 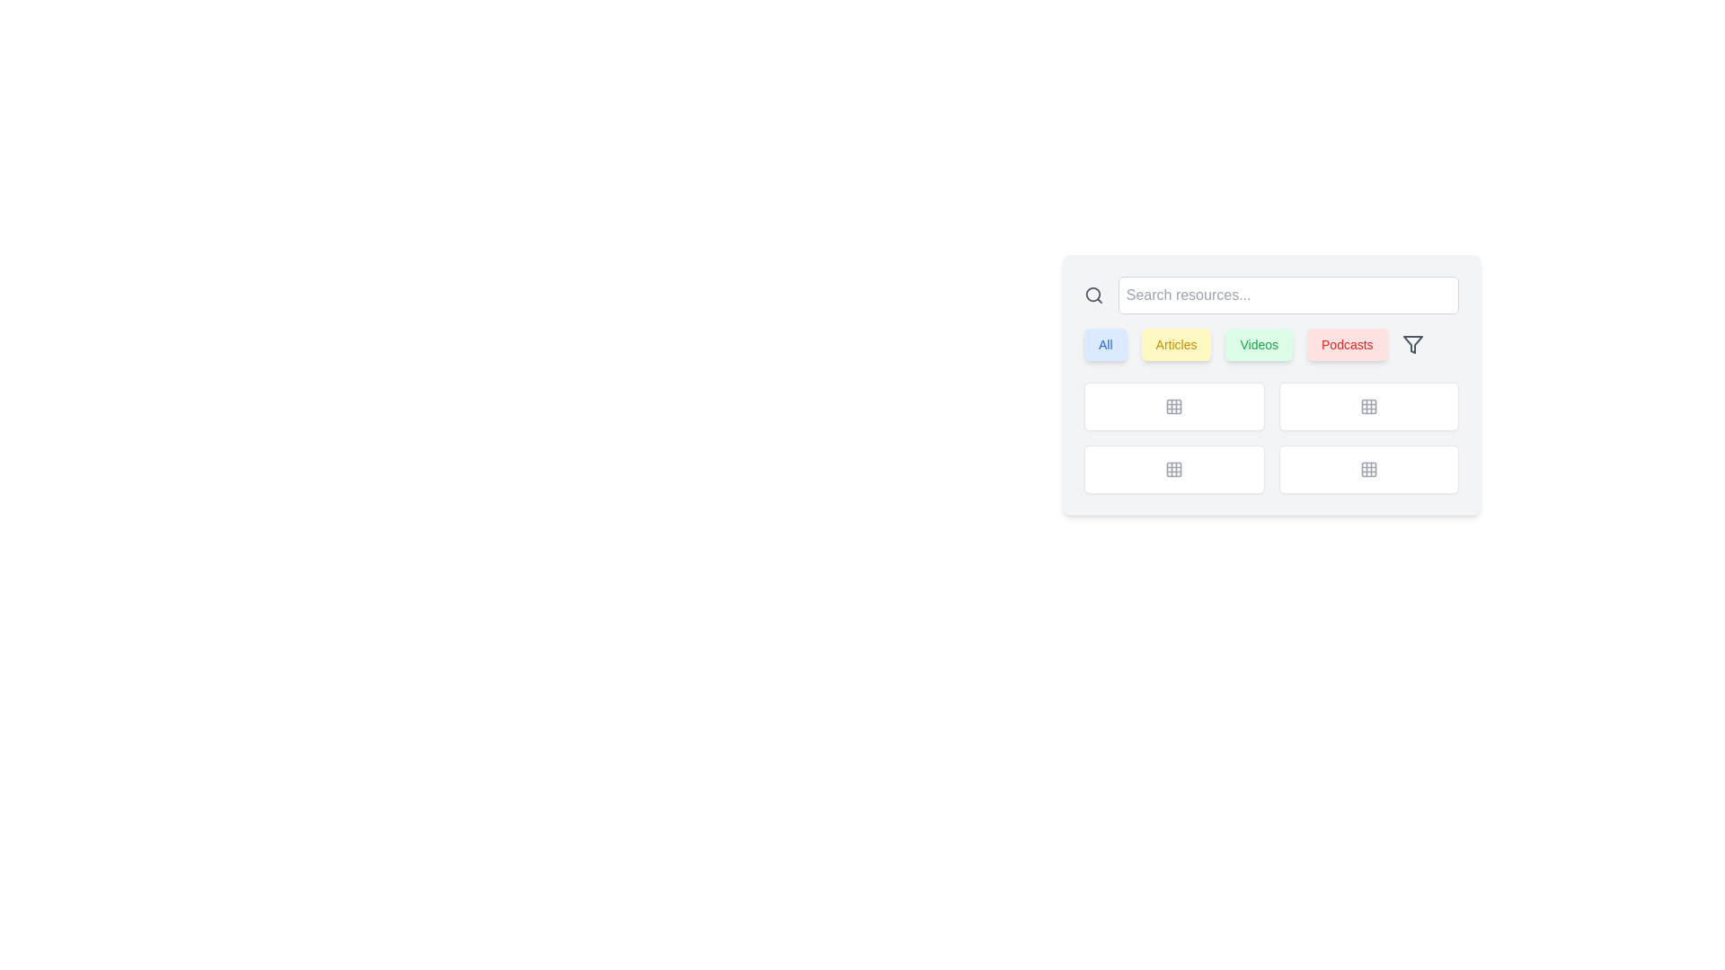 I want to click on the filter tool icon located at the top-right corner of the group of labeled buttons ('All', 'Articles', 'Videos', and 'Podcasts'), so click(x=1411, y=345).